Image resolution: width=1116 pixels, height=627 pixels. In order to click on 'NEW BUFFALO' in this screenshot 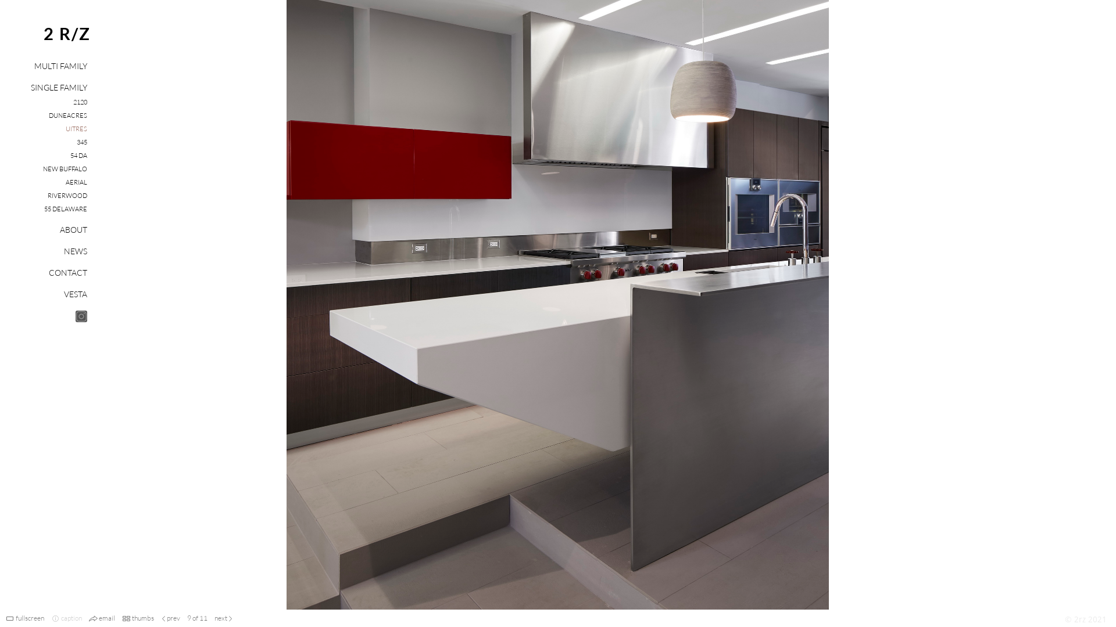, I will do `click(64, 168)`.